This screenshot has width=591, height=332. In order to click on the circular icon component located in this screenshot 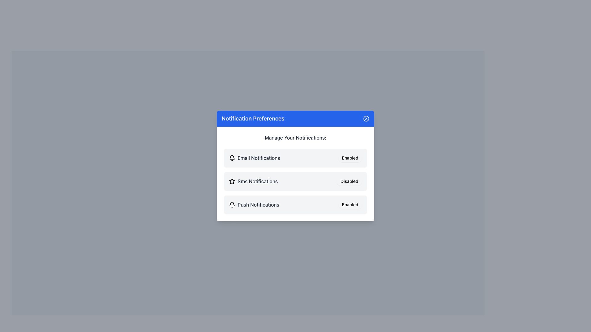, I will do `click(366, 118)`.